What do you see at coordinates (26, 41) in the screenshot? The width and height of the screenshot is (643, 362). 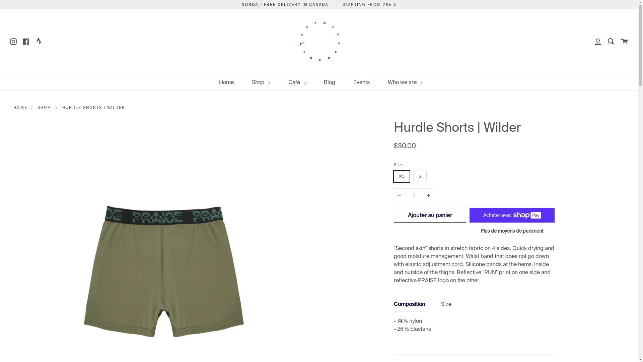 I see `'Facebook'` at bounding box center [26, 41].